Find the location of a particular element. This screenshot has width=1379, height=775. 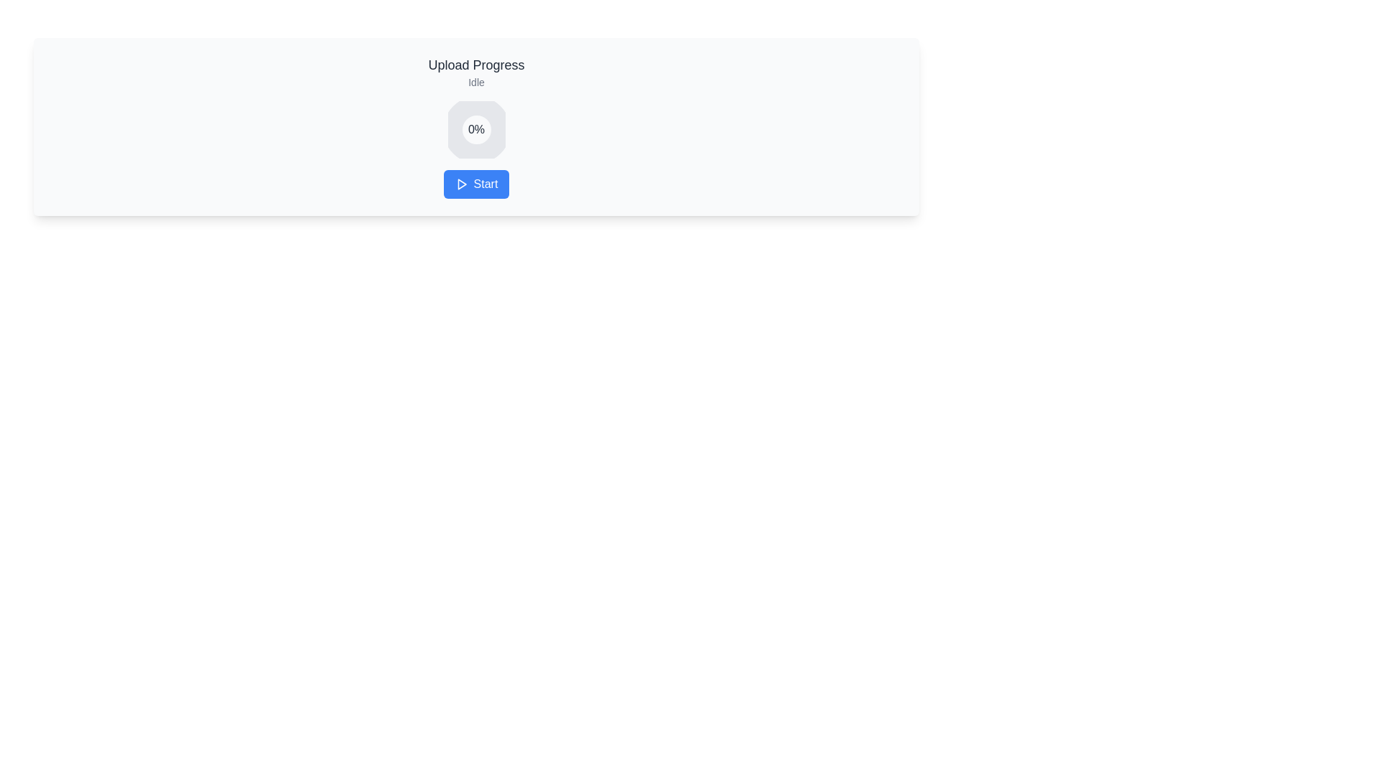

the triangular play icon located within the blue 'Start' button is located at coordinates (462, 184).